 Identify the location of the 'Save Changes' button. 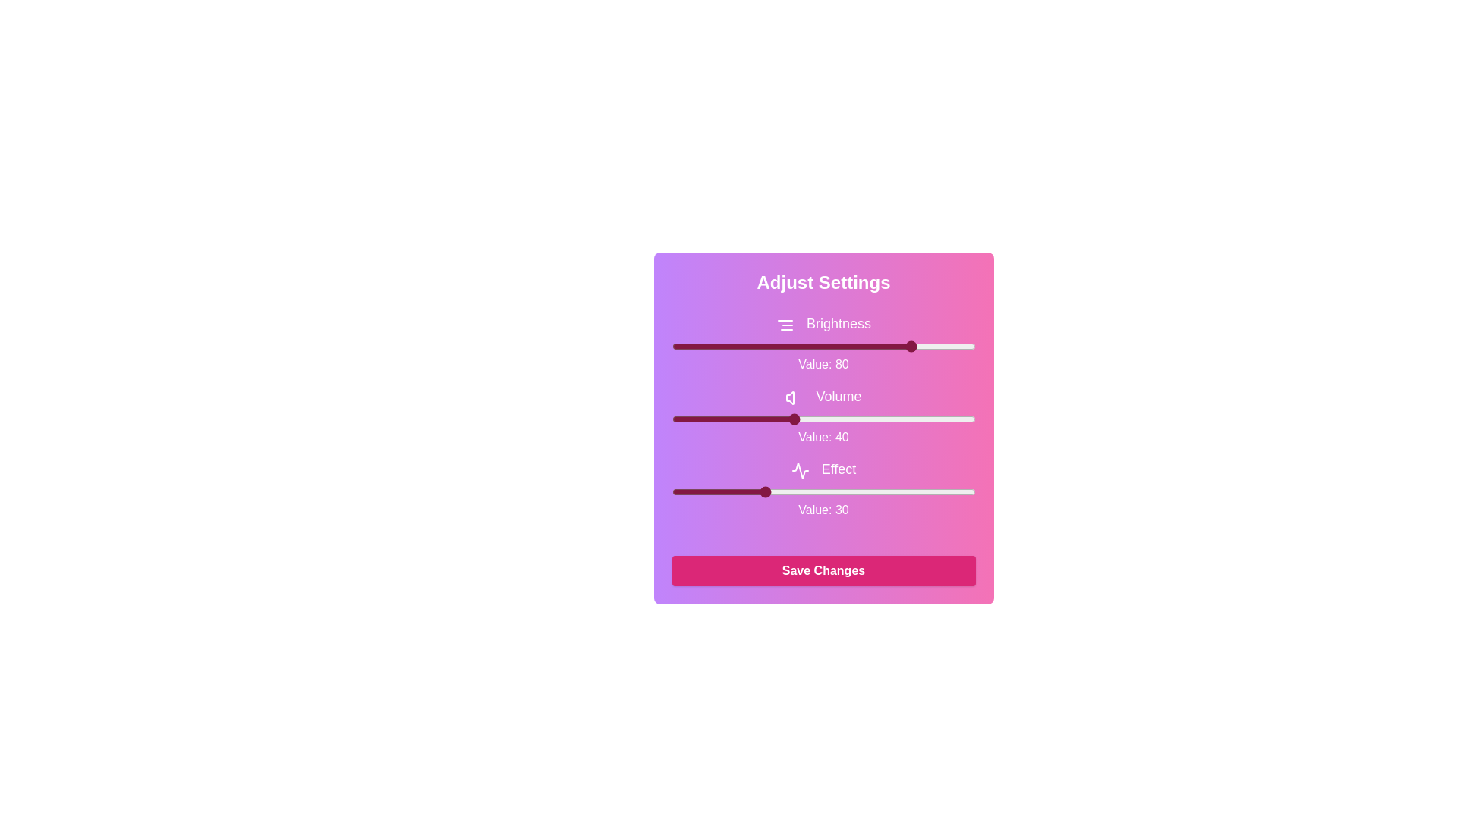
(823, 570).